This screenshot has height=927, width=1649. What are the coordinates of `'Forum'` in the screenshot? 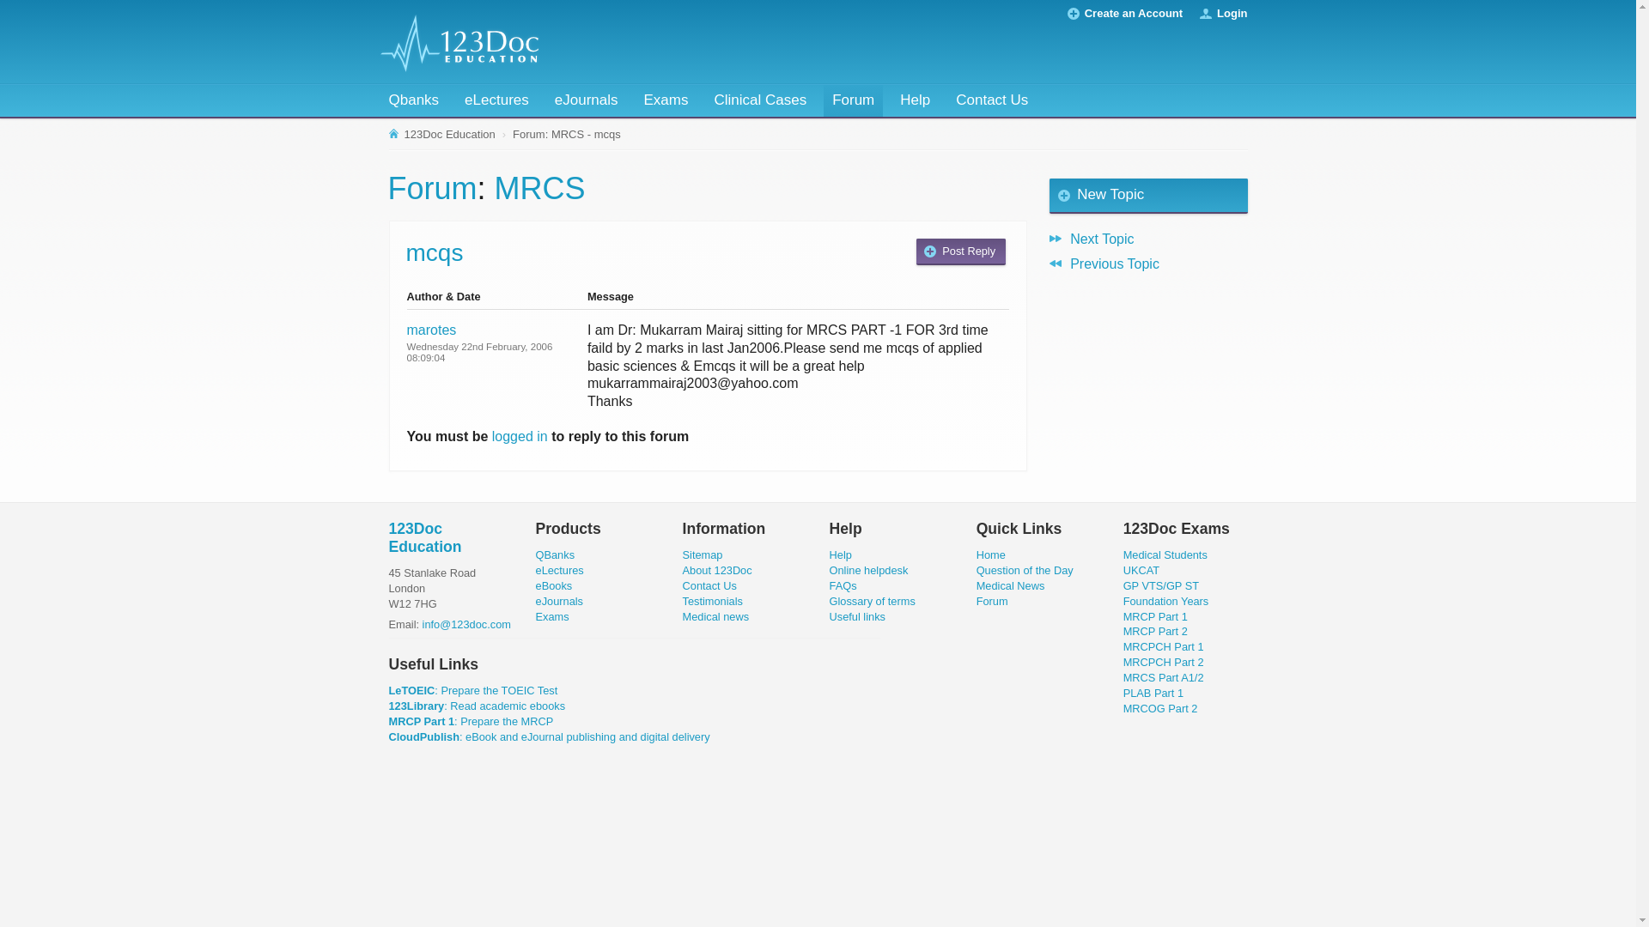 It's located at (853, 100).